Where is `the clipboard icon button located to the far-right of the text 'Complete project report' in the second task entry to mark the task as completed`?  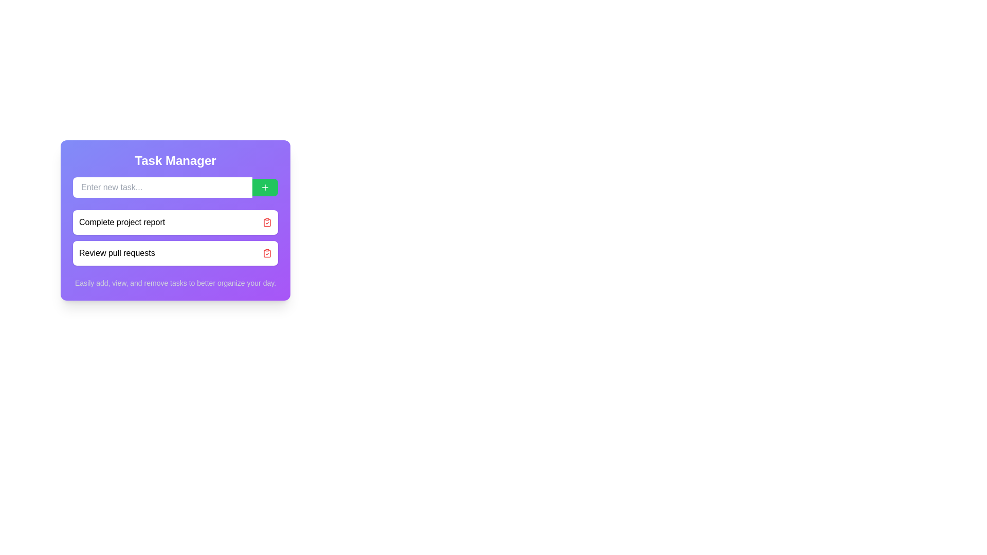
the clipboard icon button located to the far-right of the text 'Complete project report' in the second task entry to mark the task as completed is located at coordinates (267, 221).